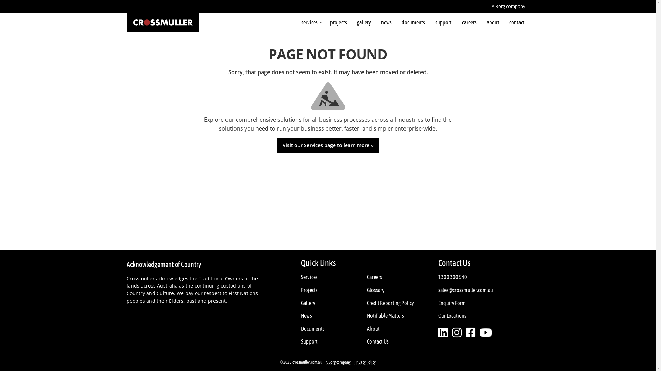 This screenshot has width=661, height=371. I want to click on 'About', so click(373, 328).